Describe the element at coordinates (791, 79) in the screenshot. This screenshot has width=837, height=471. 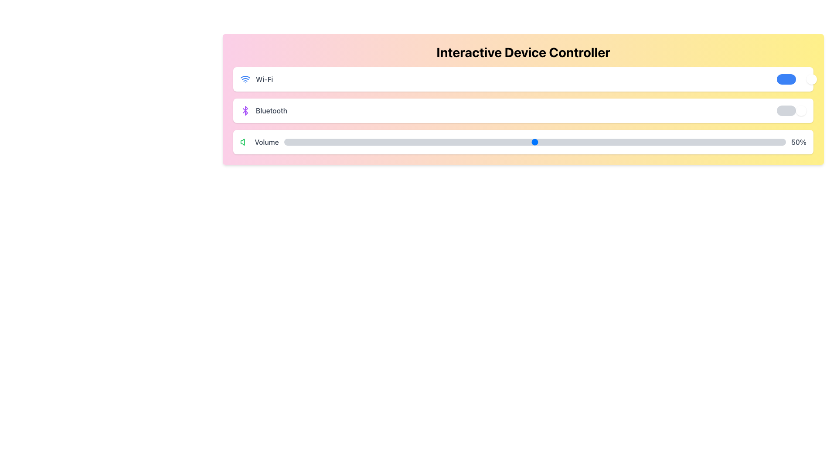
I see `the toggle switch for the Wi-Fi setting` at that location.